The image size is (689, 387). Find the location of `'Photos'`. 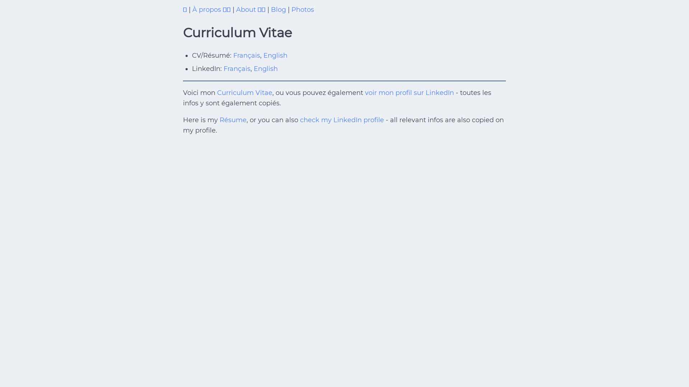

'Photos' is located at coordinates (303, 10).